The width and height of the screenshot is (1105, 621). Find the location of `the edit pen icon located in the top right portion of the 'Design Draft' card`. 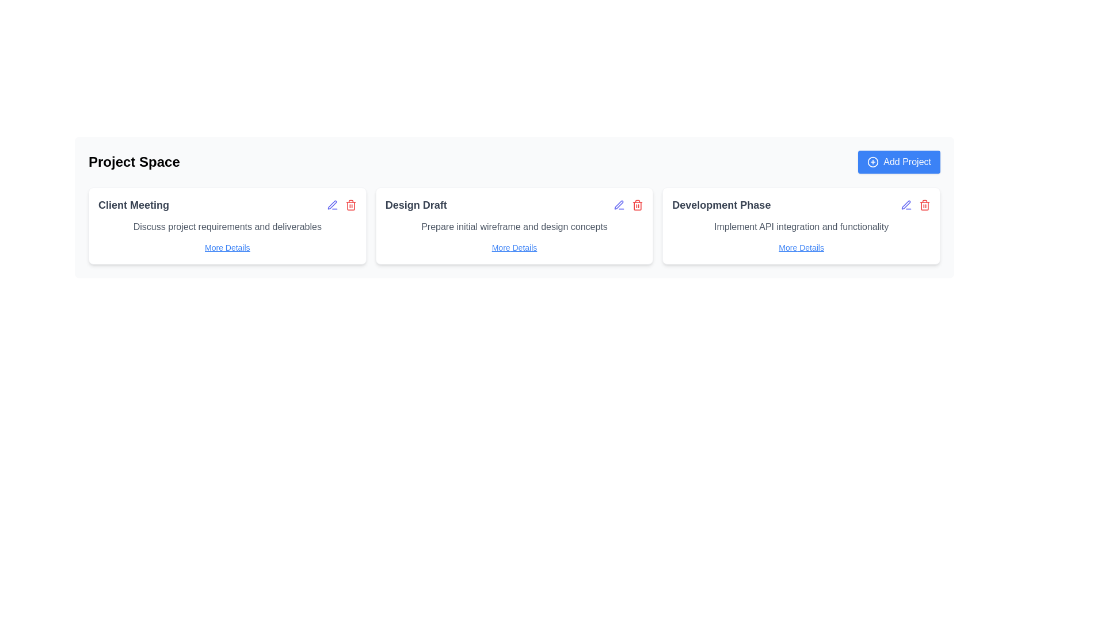

the edit pen icon located in the top right portion of the 'Design Draft' card is located at coordinates (618, 204).